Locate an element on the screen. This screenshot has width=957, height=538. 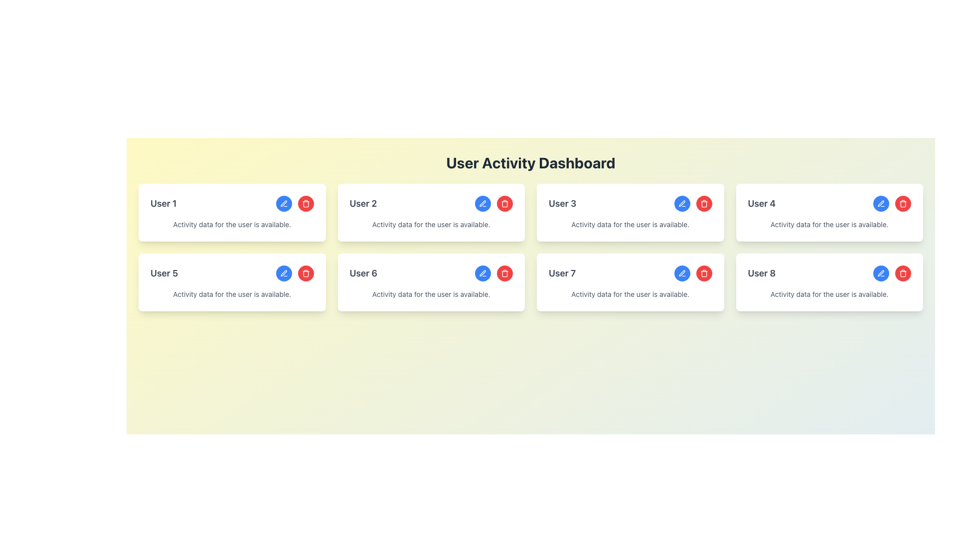
the edit button located in the 'User 5' card on the second row, first column is located at coordinates (283, 273).